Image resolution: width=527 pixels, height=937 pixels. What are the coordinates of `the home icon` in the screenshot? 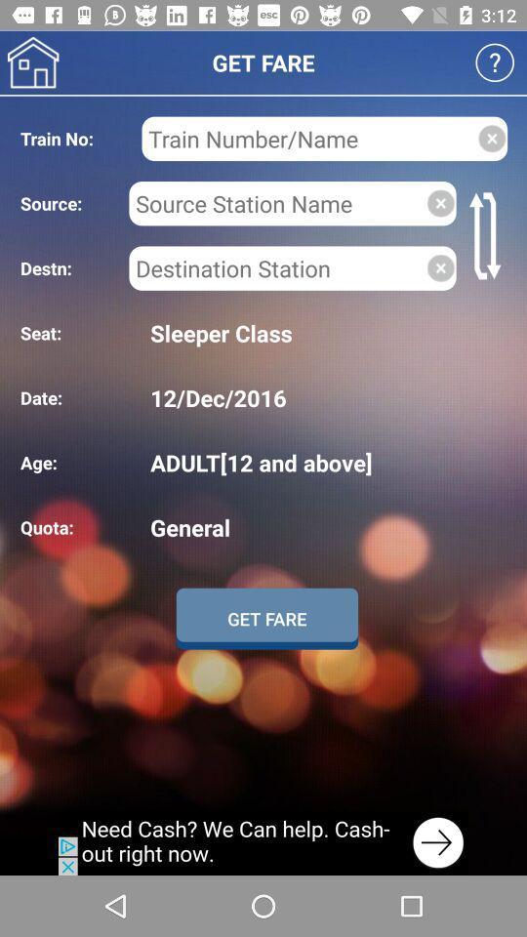 It's located at (32, 62).